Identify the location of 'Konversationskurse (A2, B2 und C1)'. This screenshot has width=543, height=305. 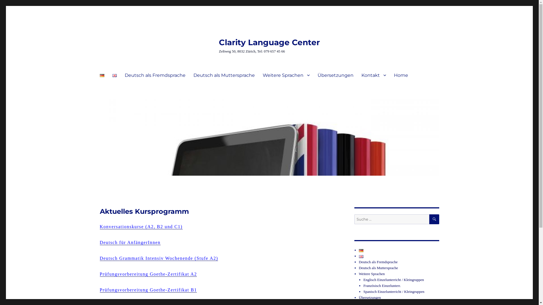
(141, 226).